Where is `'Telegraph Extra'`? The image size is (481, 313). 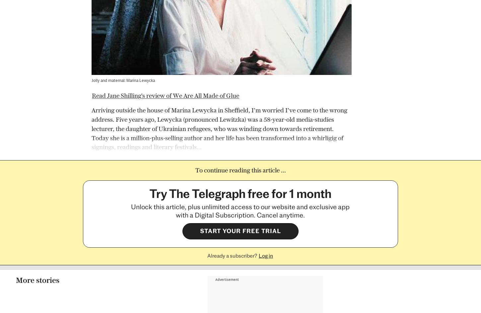 'Telegraph Extra' is located at coordinates (221, 291).